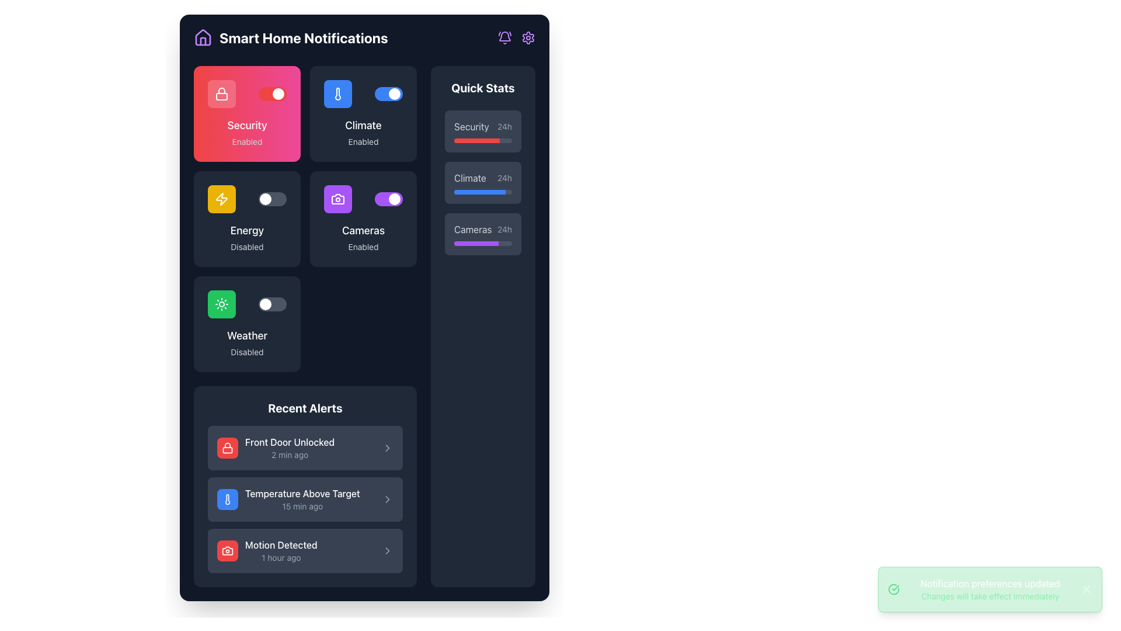 The width and height of the screenshot is (1121, 631). I want to click on the purple bell icon in the upper right corner of the interface, so click(504, 37).